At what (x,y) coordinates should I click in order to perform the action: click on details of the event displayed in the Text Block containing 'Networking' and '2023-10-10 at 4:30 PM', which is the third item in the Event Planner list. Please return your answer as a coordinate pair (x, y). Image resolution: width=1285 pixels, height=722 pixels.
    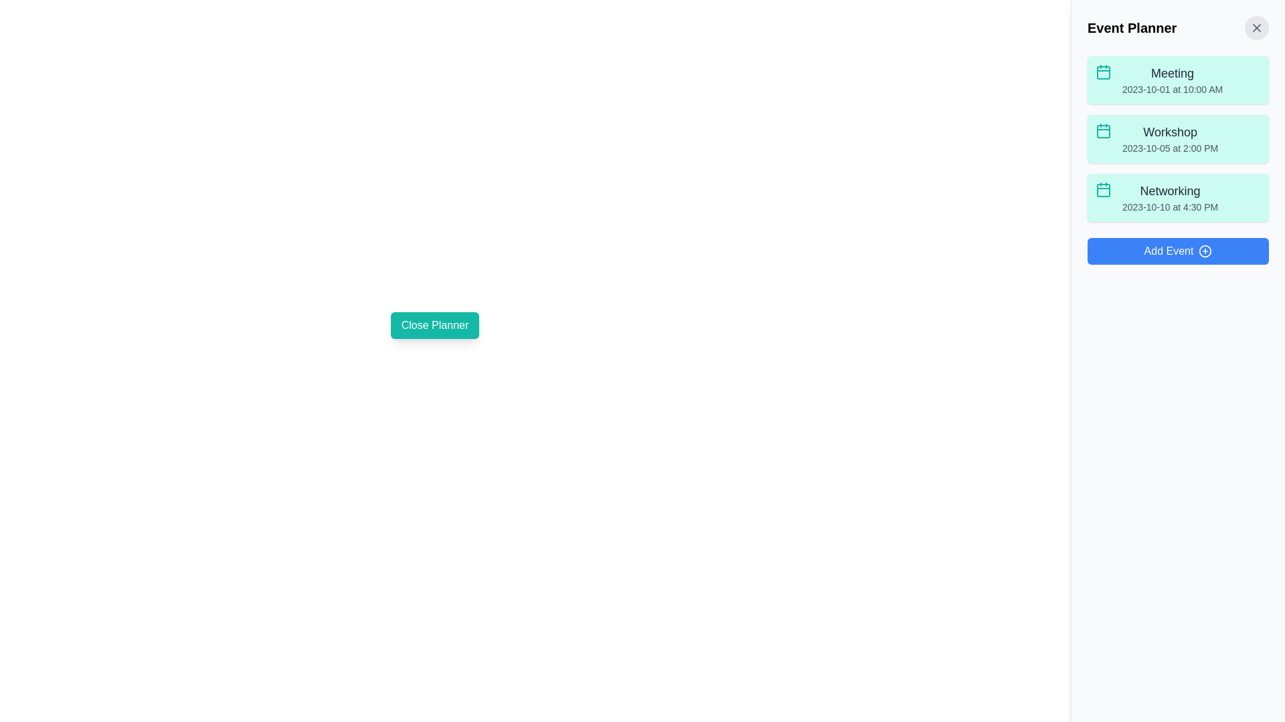
    Looking at the image, I should click on (1169, 198).